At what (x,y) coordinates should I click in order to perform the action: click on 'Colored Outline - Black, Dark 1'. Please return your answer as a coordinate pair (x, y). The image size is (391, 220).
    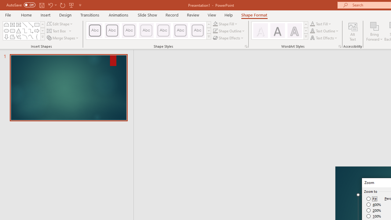
    Looking at the image, I should click on (95, 31).